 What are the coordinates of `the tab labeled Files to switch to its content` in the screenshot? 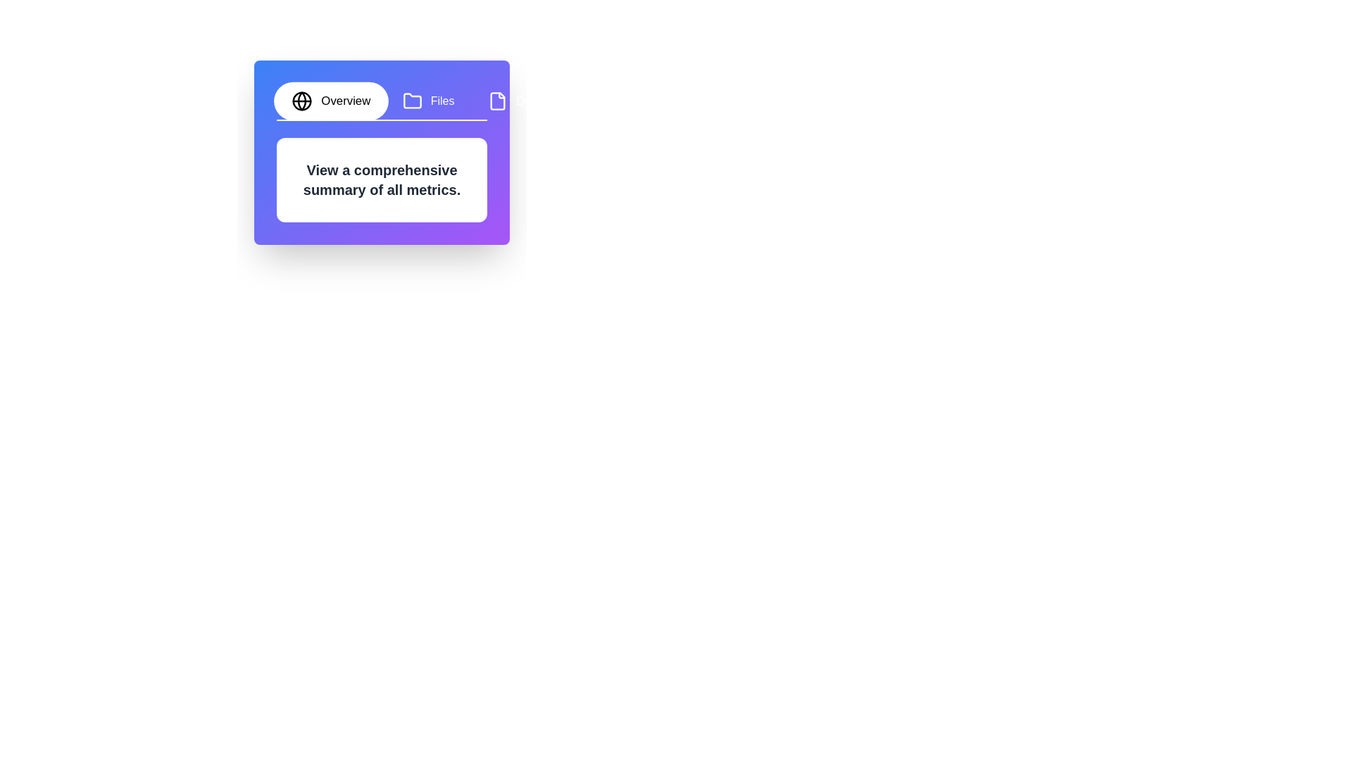 It's located at (427, 100).